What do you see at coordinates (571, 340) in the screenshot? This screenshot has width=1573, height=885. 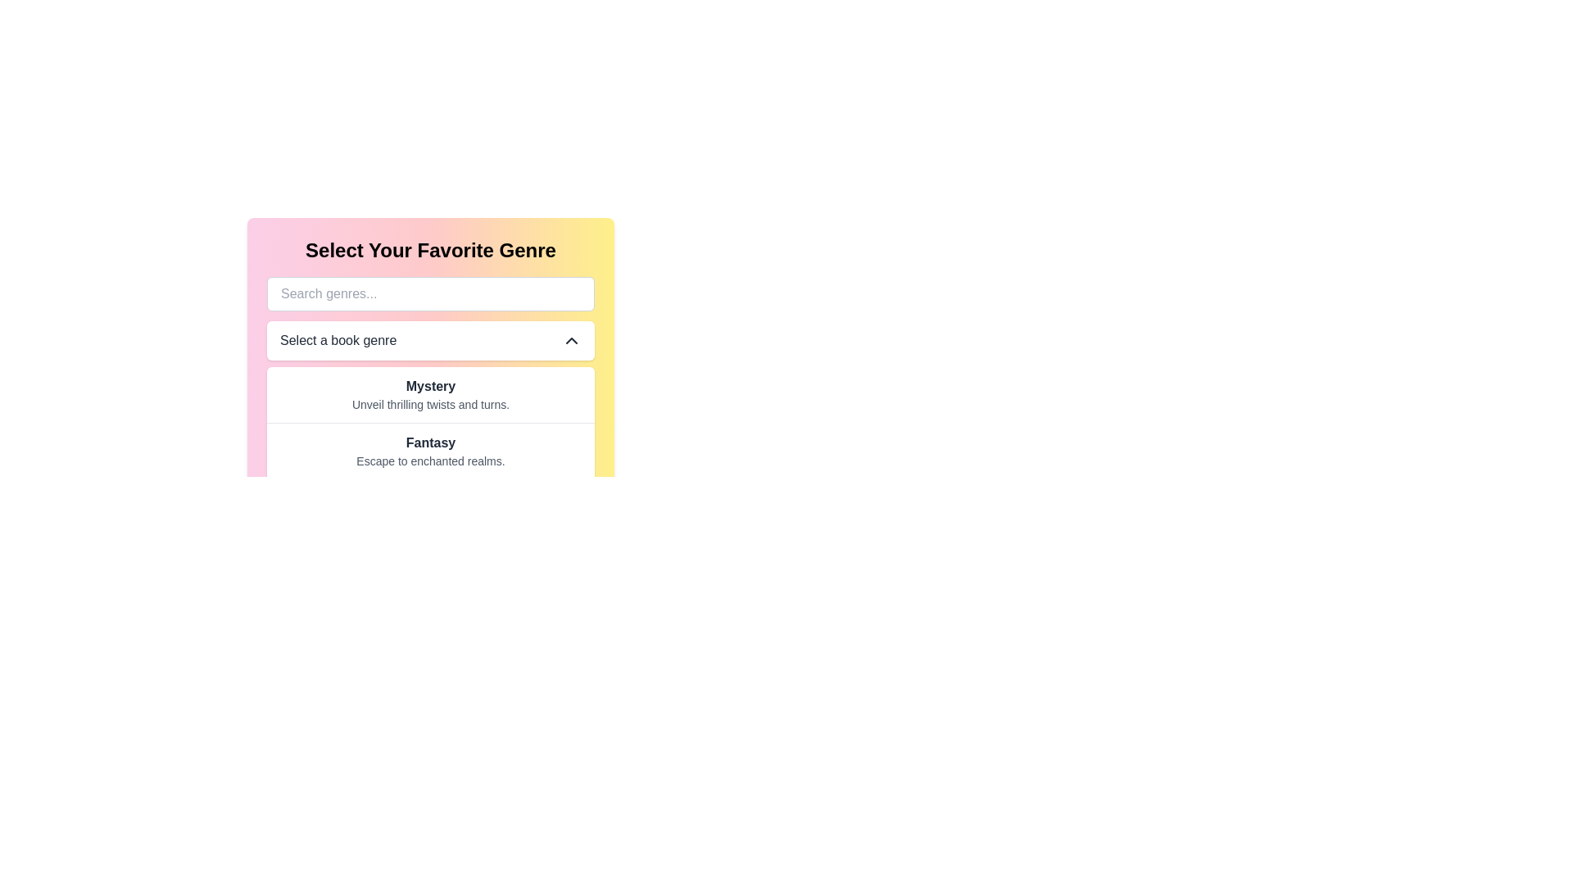 I see `the icon located at the far right of the 'Select a book genre' dropdown menu` at bounding box center [571, 340].